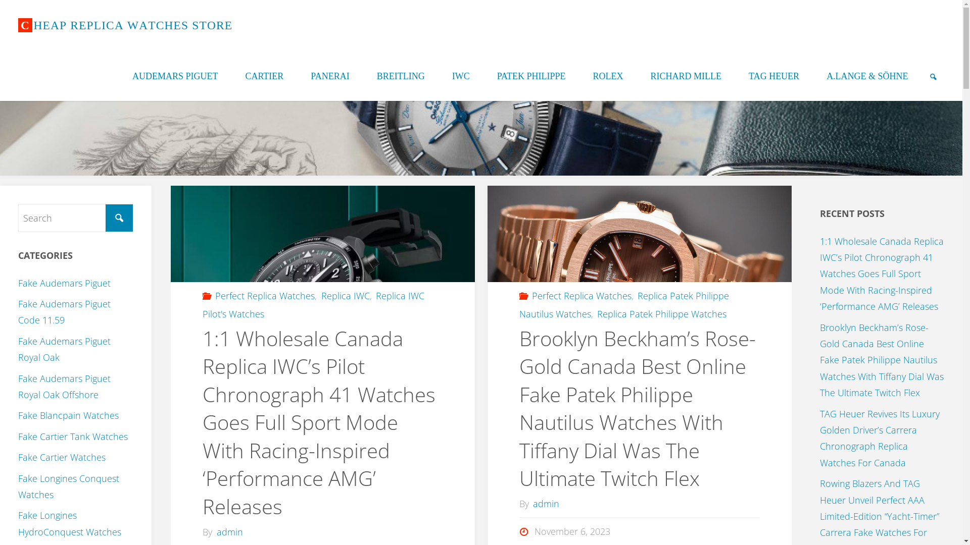 This screenshot has height=545, width=970. I want to click on 'Fake Audemars Piguet Royal Oak Offshore', so click(64, 386).